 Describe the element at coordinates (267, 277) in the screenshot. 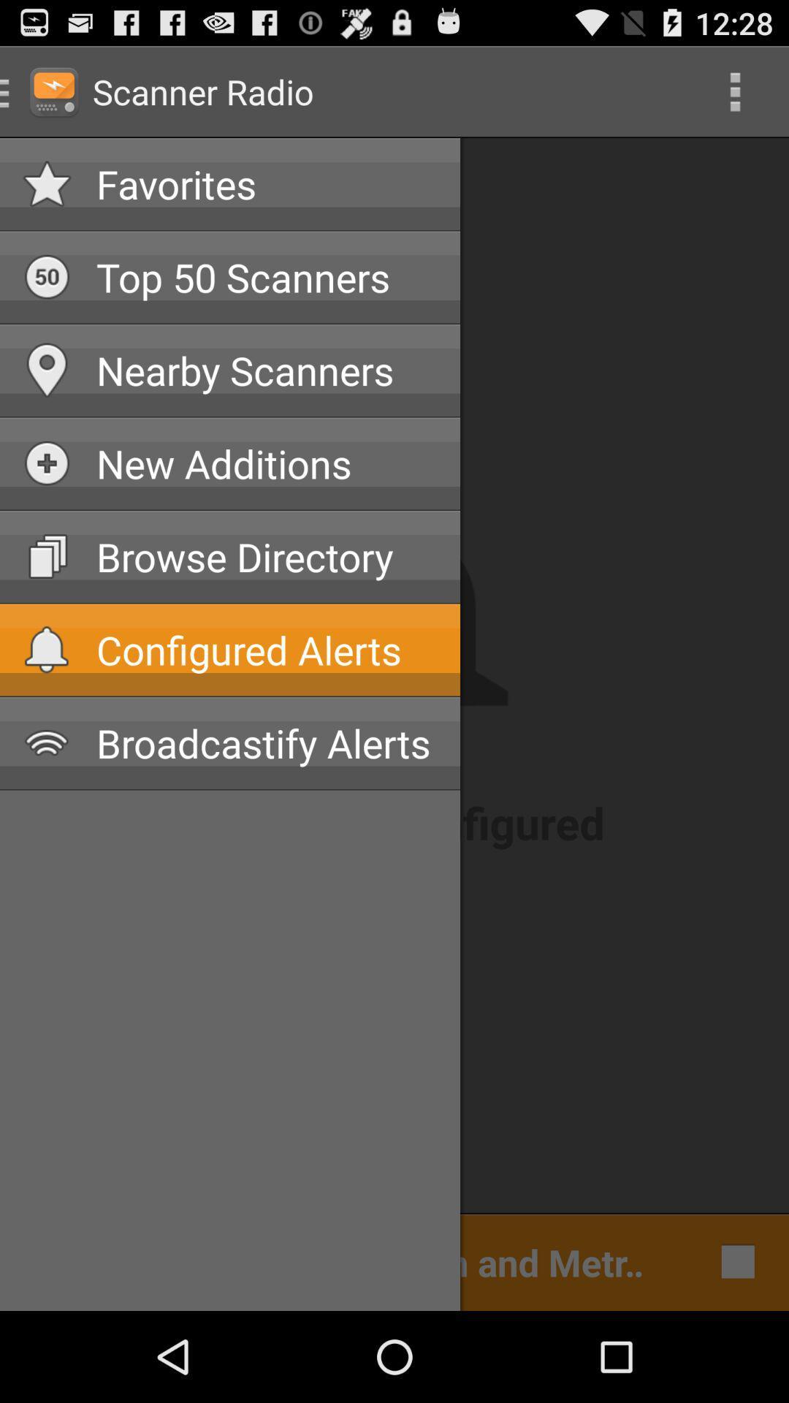

I see `app above nearby scanners app` at that location.